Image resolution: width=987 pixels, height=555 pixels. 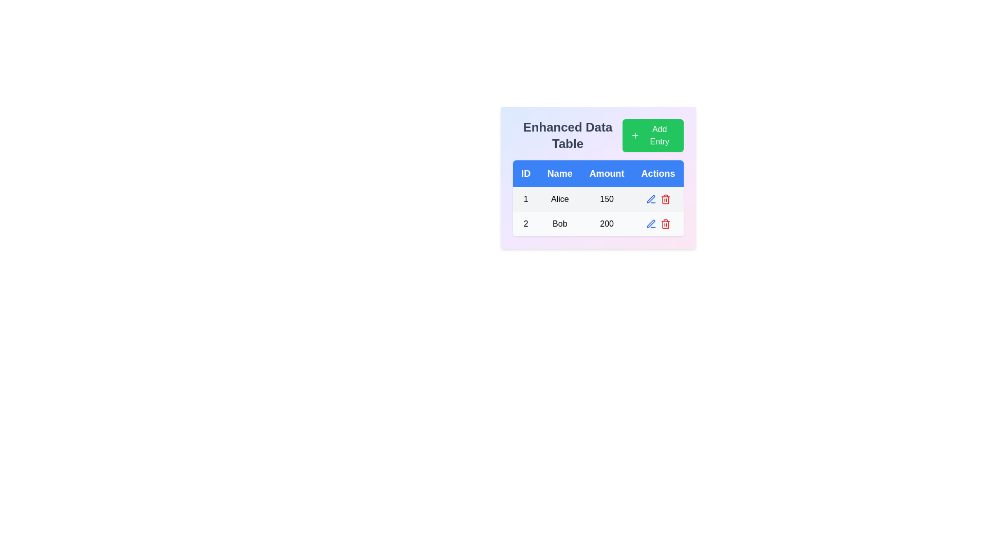 I want to click on the trash icon located in the 'Actions' column of the second row in the data table to initiate a delete action, so click(x=665, y=223).